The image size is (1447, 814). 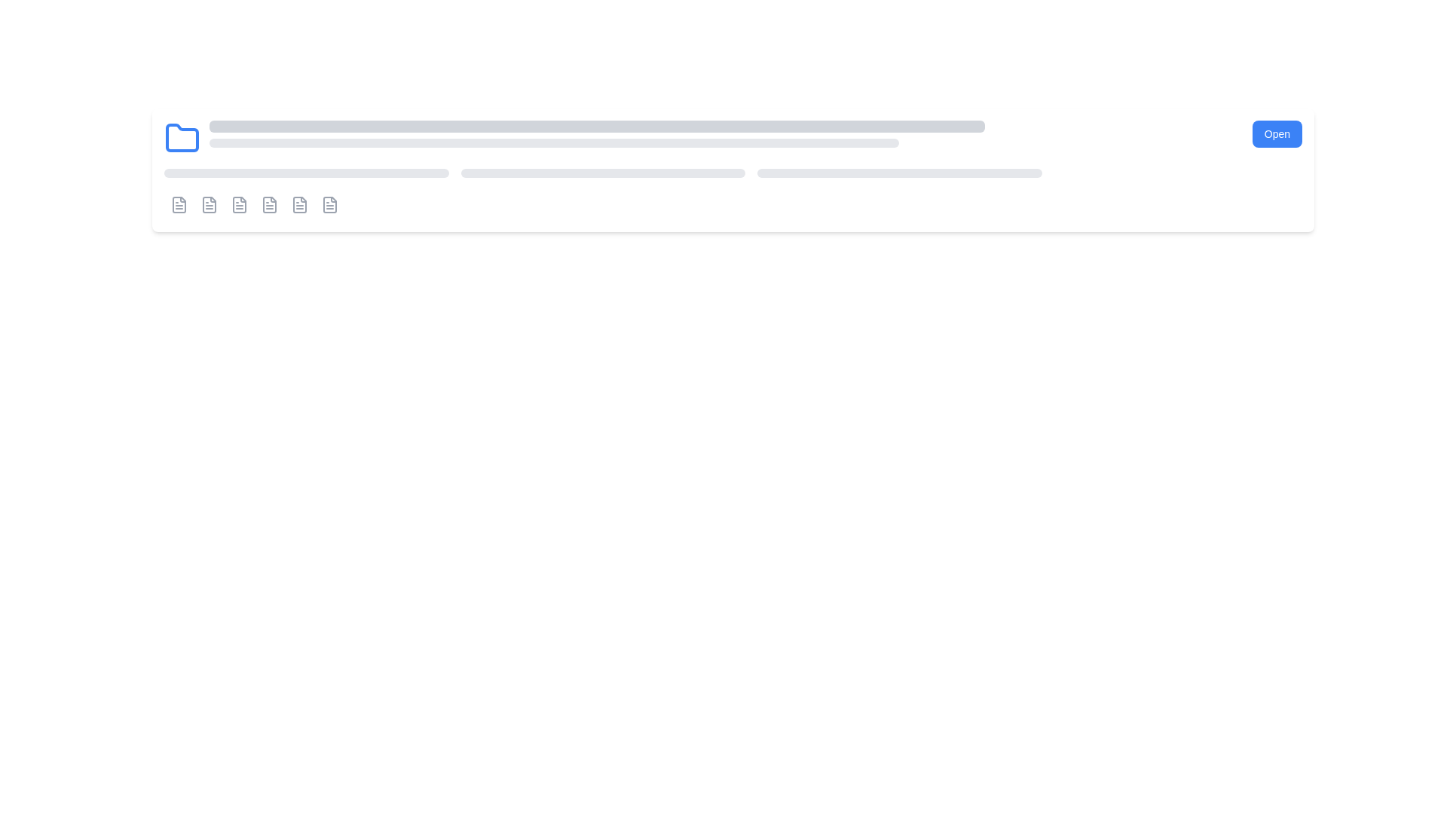 What do you see at coordinates (596, 126) in the screenshot?
I see `the light gray horizontal progress bar with rounded corners located in the upper-middle section of the interface` at bounding box center [596, 126].